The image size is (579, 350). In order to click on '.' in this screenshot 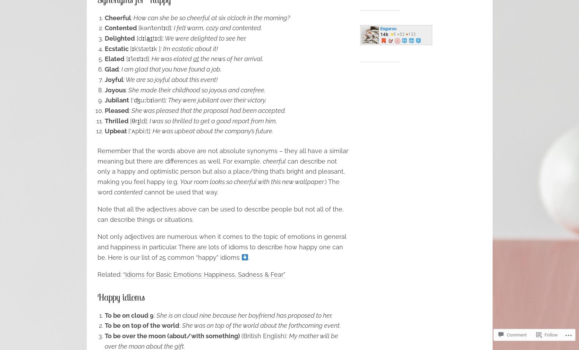, I will do `click(248, 257)`.